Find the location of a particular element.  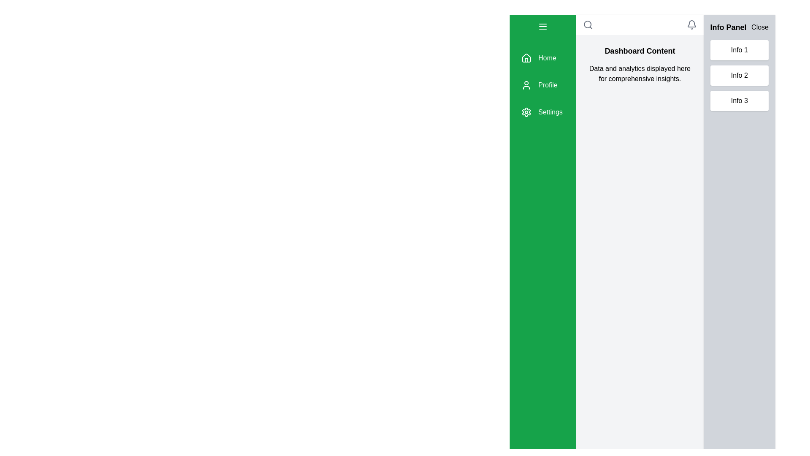

the 'Settings' label, which is displayed in white font on a green background, located in the vertical navigation bar as the third item after 'Home' and 'Profile' is located at coordinates (550, 112).